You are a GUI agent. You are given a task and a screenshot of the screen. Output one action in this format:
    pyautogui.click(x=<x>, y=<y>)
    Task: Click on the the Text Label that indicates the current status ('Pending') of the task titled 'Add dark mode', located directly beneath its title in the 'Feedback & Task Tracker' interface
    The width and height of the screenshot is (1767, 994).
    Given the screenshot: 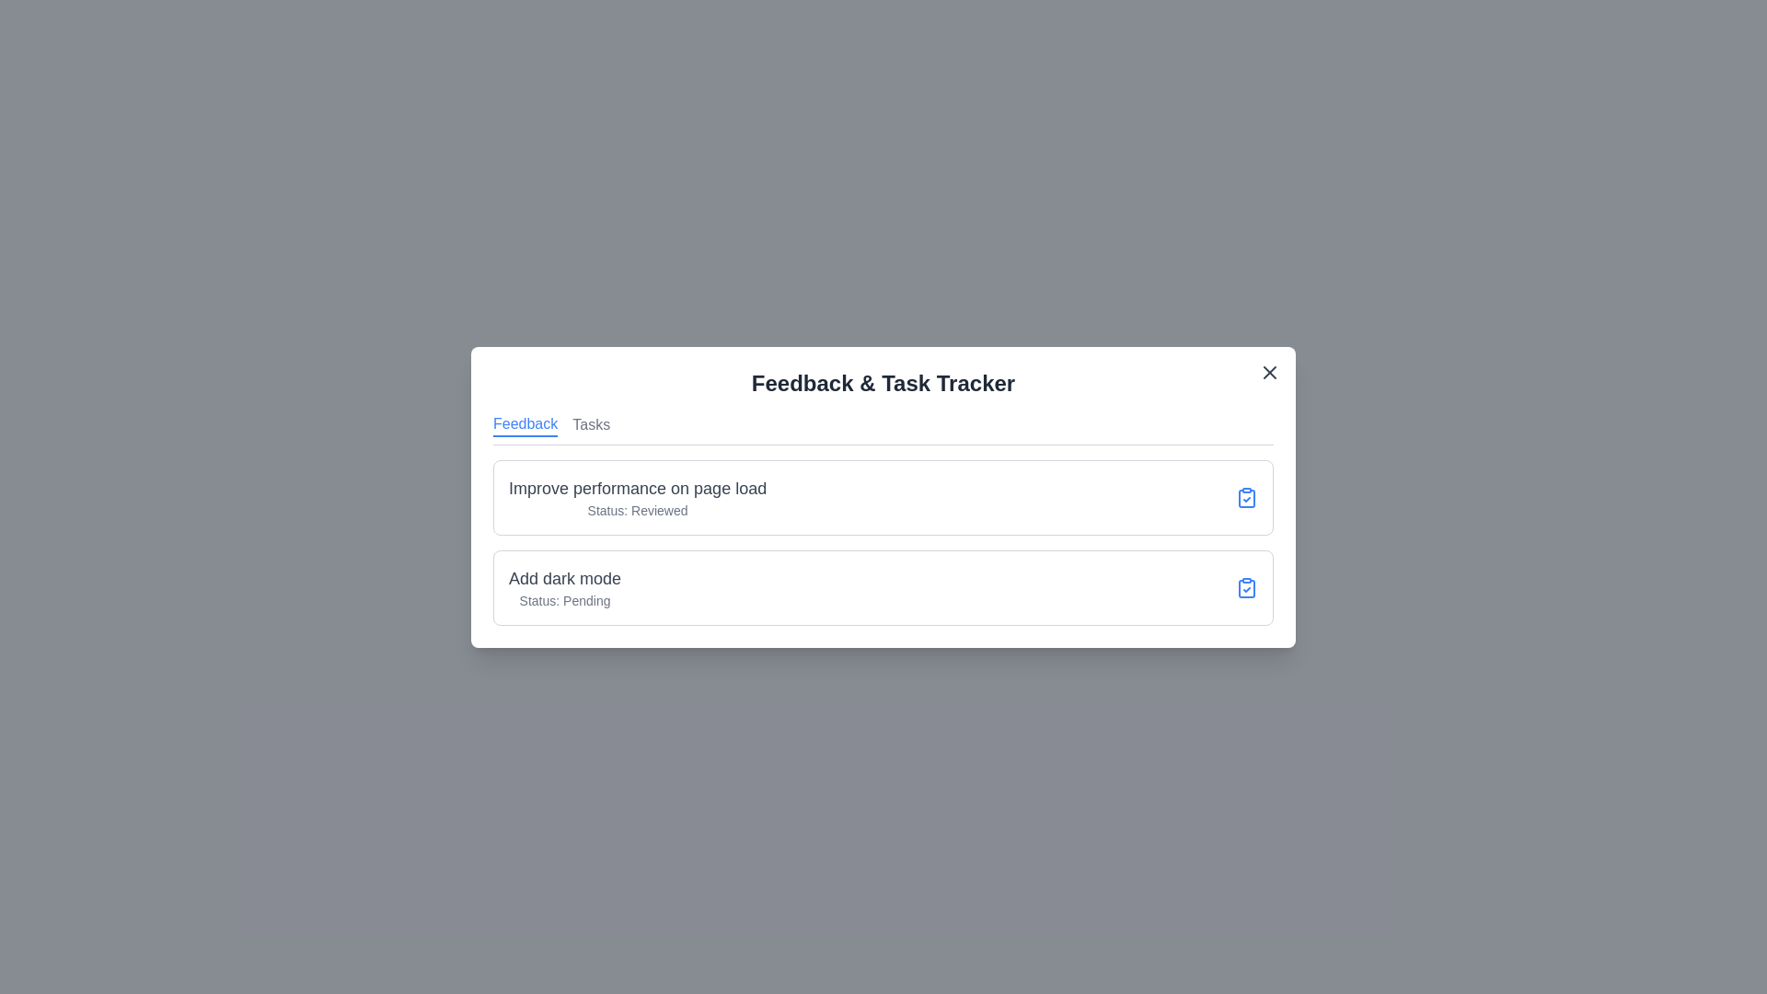 What is the action you would take?
    pyautogui.click(x=564, y=600)
    